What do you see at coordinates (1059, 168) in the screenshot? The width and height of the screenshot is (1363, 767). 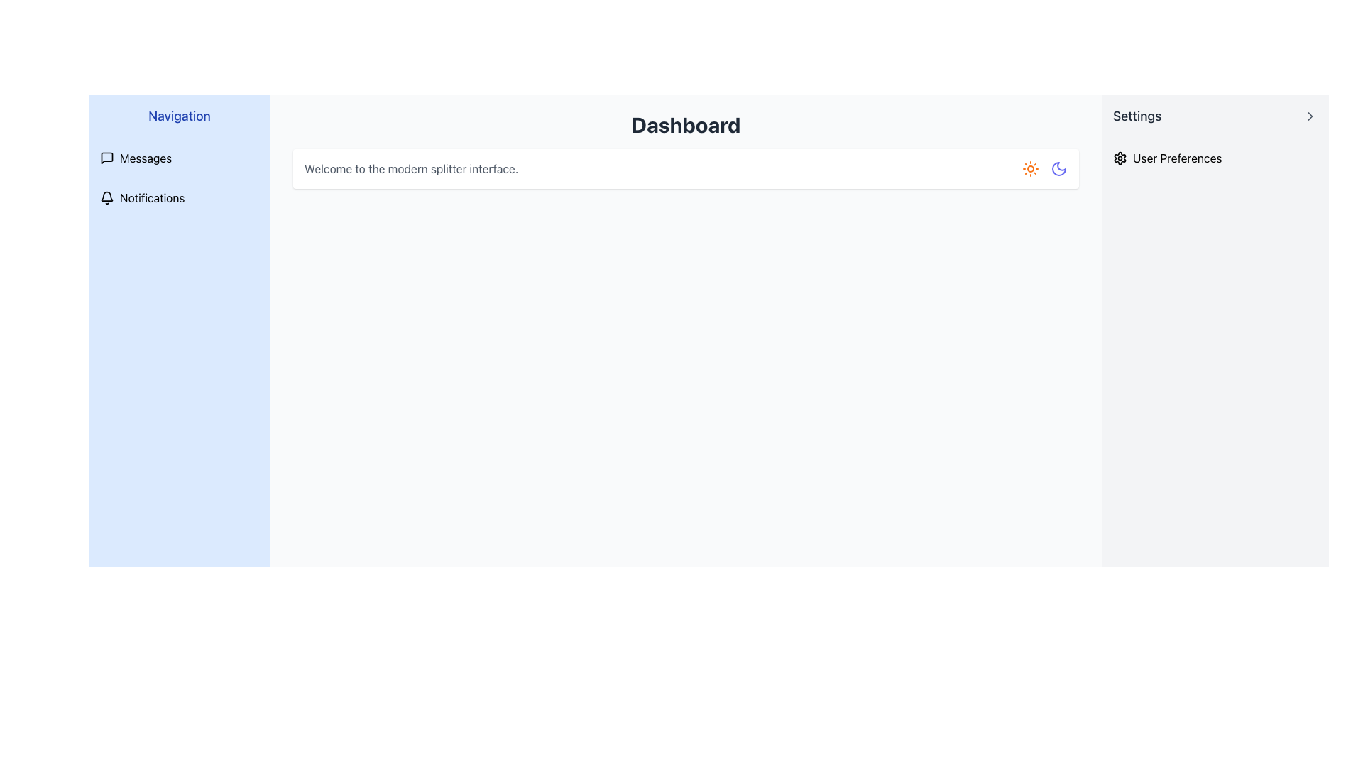 I see `the crescent moon icon in the top-right navigation bar` at bounding box center [1059, 168].